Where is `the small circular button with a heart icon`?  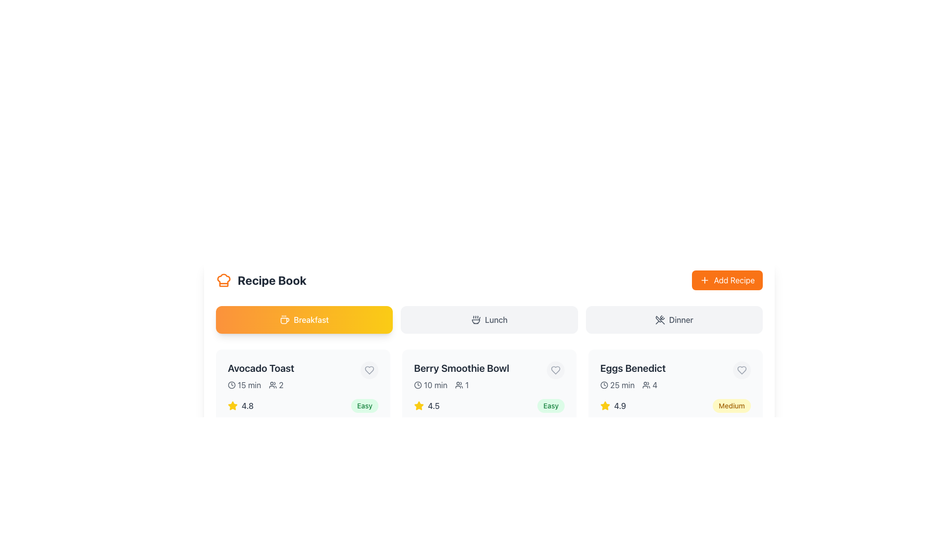
the small circular button with a heart icon is located at coordinates (369, 370).